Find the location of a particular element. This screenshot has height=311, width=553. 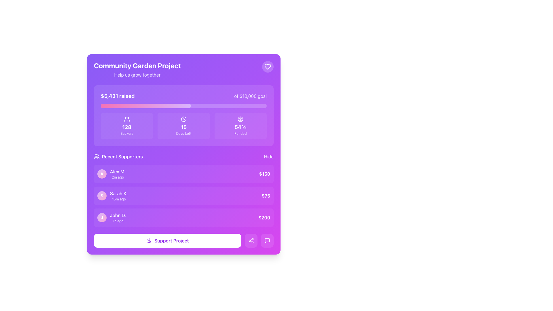

the heart-shaped icon in the top-right corner of the panel is located at coordinates (268, 66).